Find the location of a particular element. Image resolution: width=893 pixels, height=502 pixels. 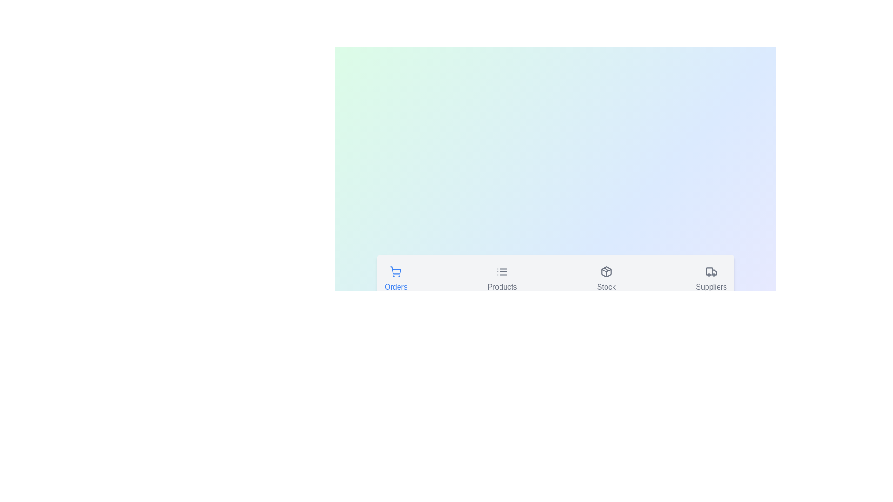

the icon of the Suppliers tab is located at coordinates (711, 279).